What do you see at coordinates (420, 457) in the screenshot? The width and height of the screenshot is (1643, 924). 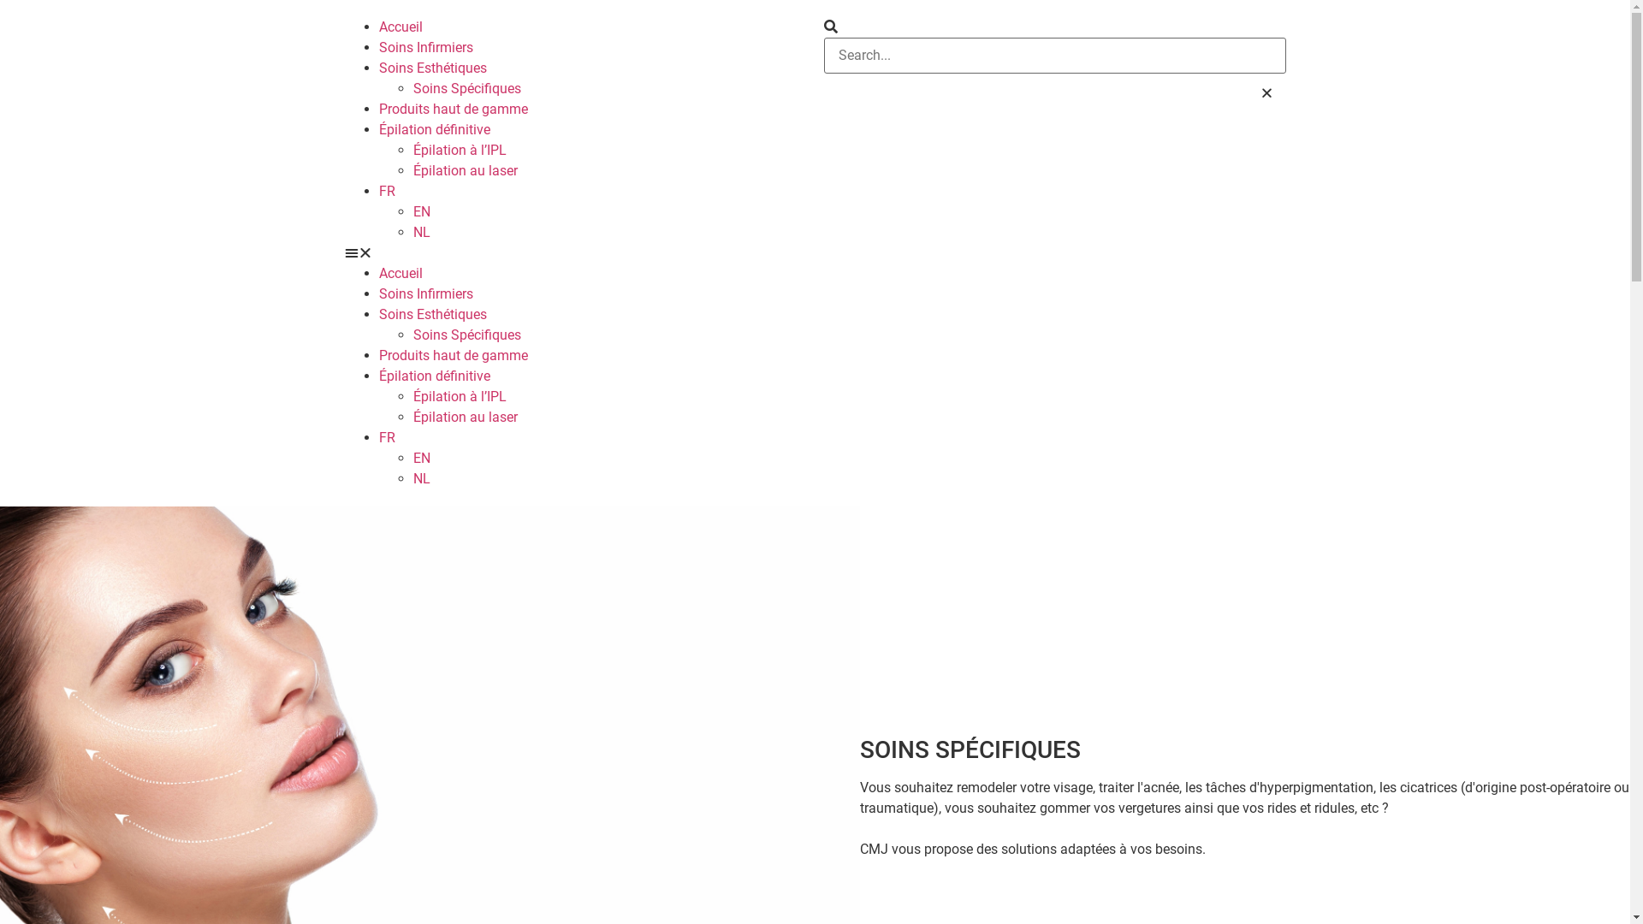 I see `'EN'` at bounding box center [420, 457].